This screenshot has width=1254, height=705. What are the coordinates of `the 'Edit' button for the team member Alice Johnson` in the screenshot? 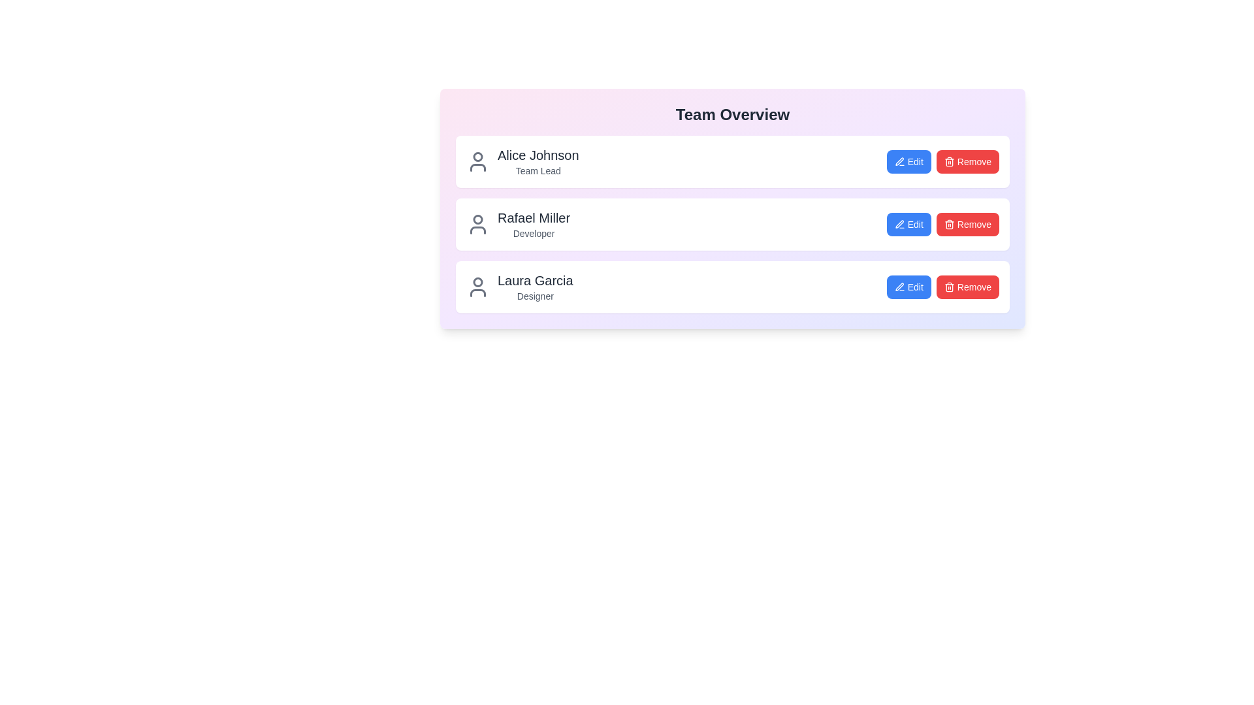 It's located at (908, 161).